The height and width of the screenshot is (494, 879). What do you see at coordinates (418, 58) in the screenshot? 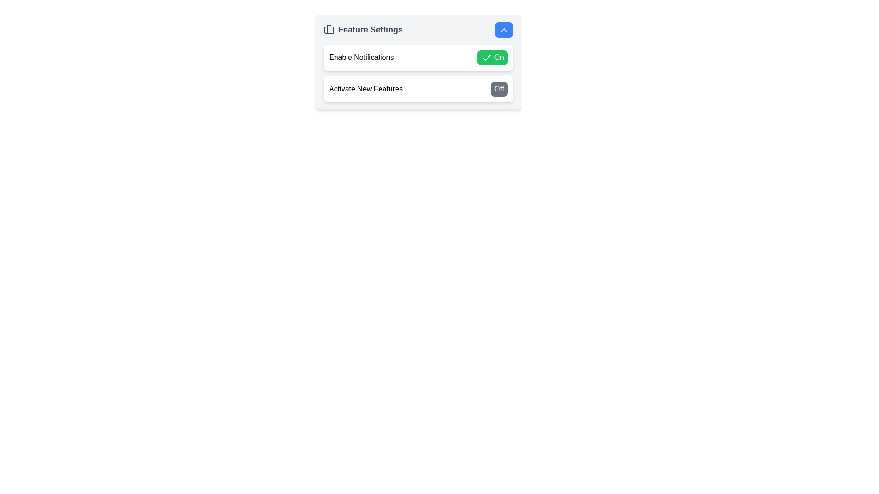
I see `the Toggleable control labeled 'Enable Notifications' which contains a green button labeled 'On' and is located within the 'Feature Settings' section` at bounding box center [418, 58].